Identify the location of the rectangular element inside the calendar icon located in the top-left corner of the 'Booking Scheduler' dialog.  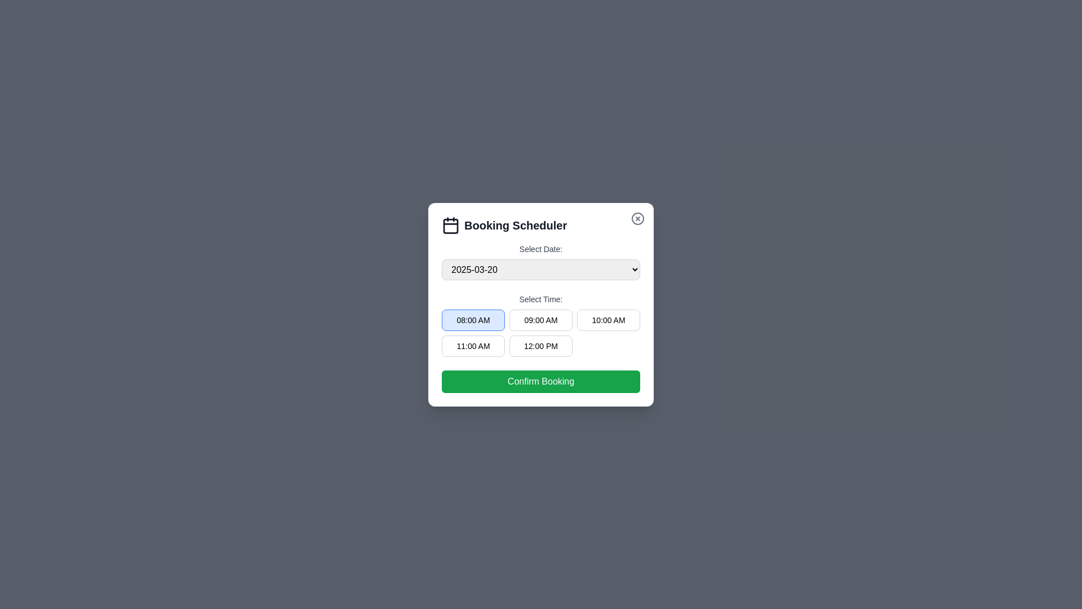
(451, 226).